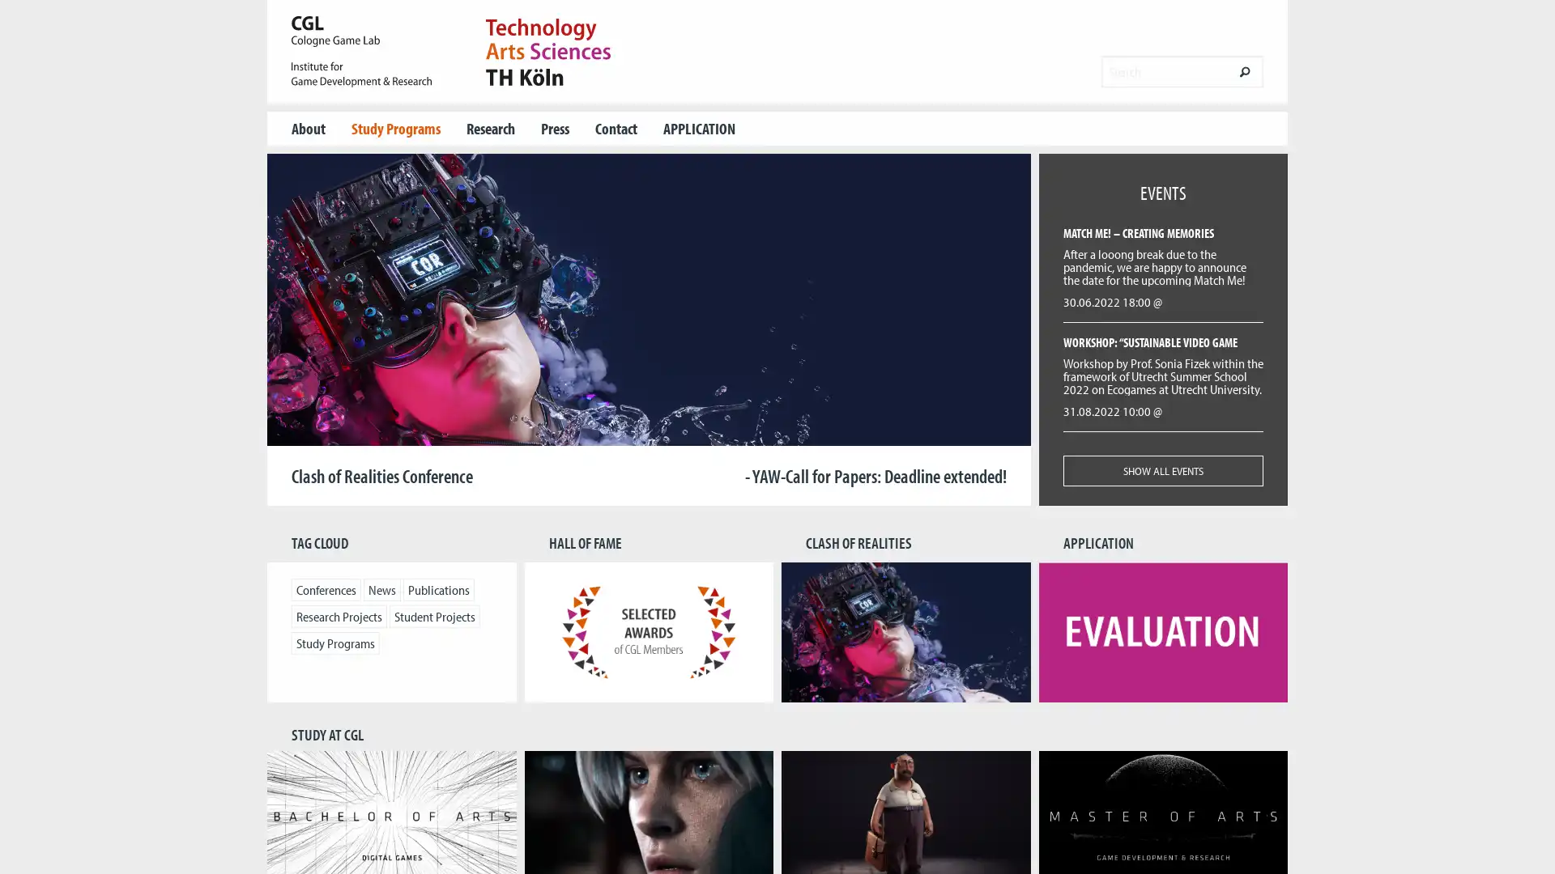  What do you see at coordinates (639, 432) in the screenshot?
I see `Obituary for Markus Hettlich` at bounding box center [639, 432].